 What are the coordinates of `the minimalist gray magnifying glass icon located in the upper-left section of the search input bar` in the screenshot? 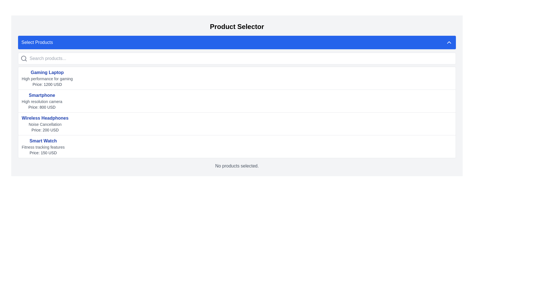 It's located at (24, 59).